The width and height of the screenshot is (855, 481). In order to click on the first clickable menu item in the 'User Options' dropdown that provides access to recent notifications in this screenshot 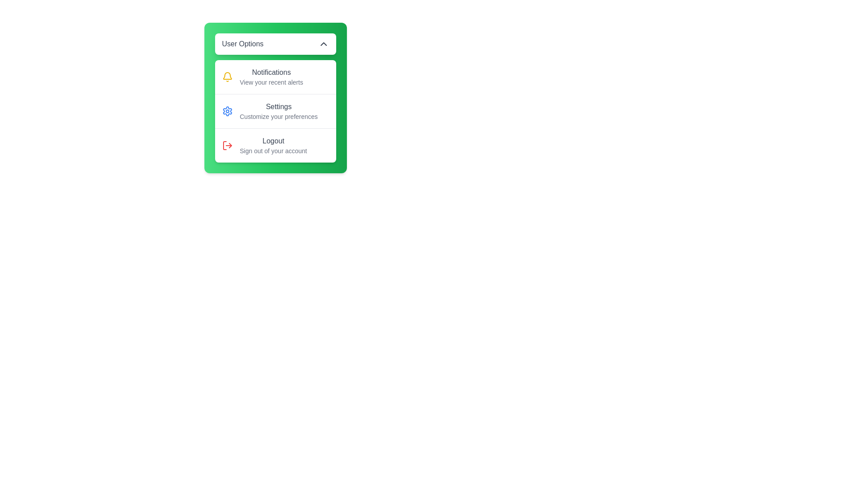, I will do `click(275, 77)`.